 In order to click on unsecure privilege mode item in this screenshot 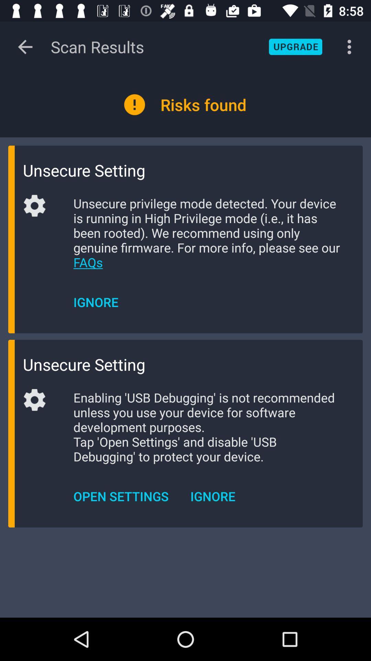, I will do `click(207, 233)`.